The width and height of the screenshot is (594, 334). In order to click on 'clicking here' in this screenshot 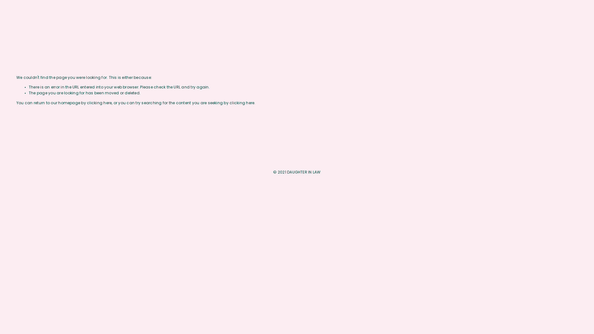, I will do `click(99, 103)`.